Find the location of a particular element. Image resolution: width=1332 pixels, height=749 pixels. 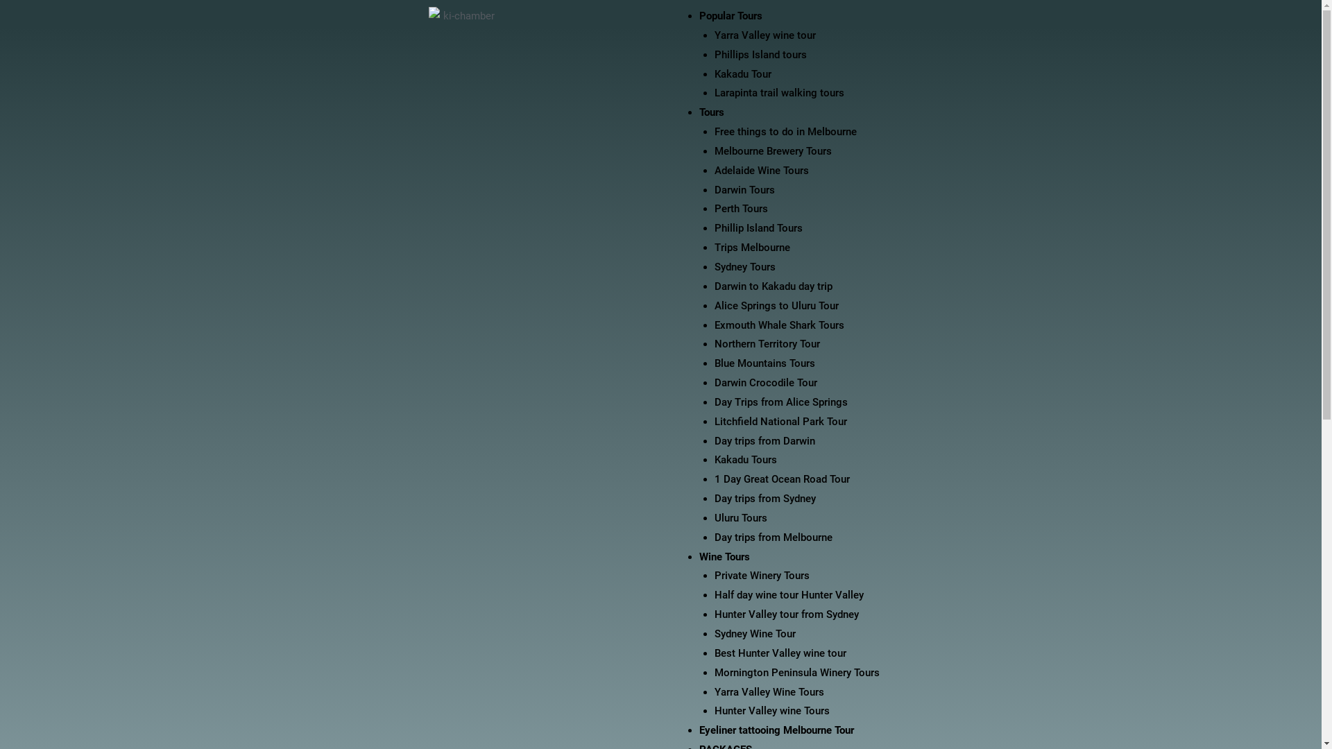

'Day trips from Sydney' is located at coordinates (765, 497).